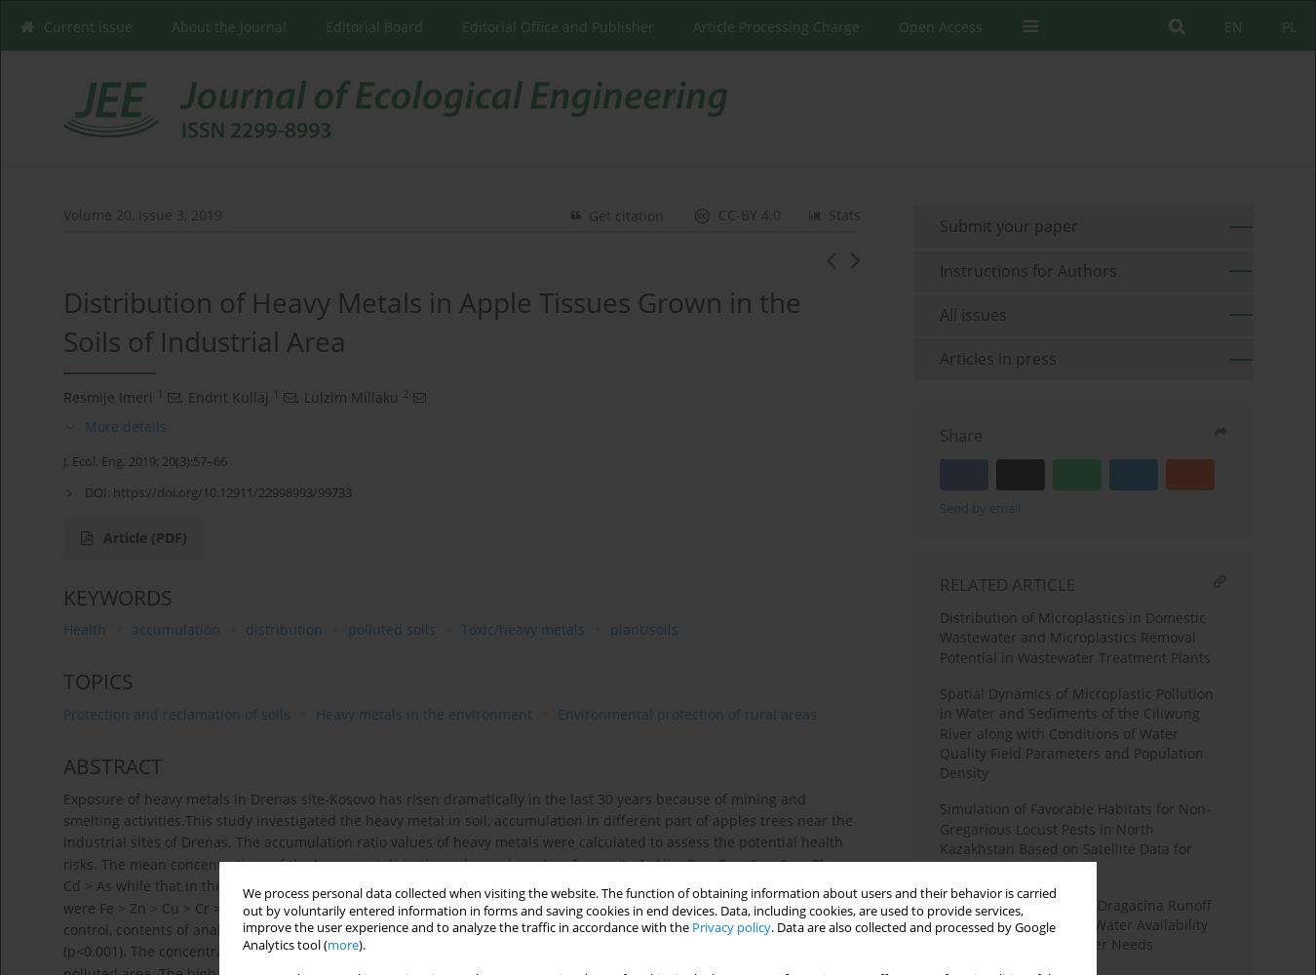  Describe the element at coordinates (227, 396) in the screenshot. I see `'Endrit  Kullaj'` at that location.